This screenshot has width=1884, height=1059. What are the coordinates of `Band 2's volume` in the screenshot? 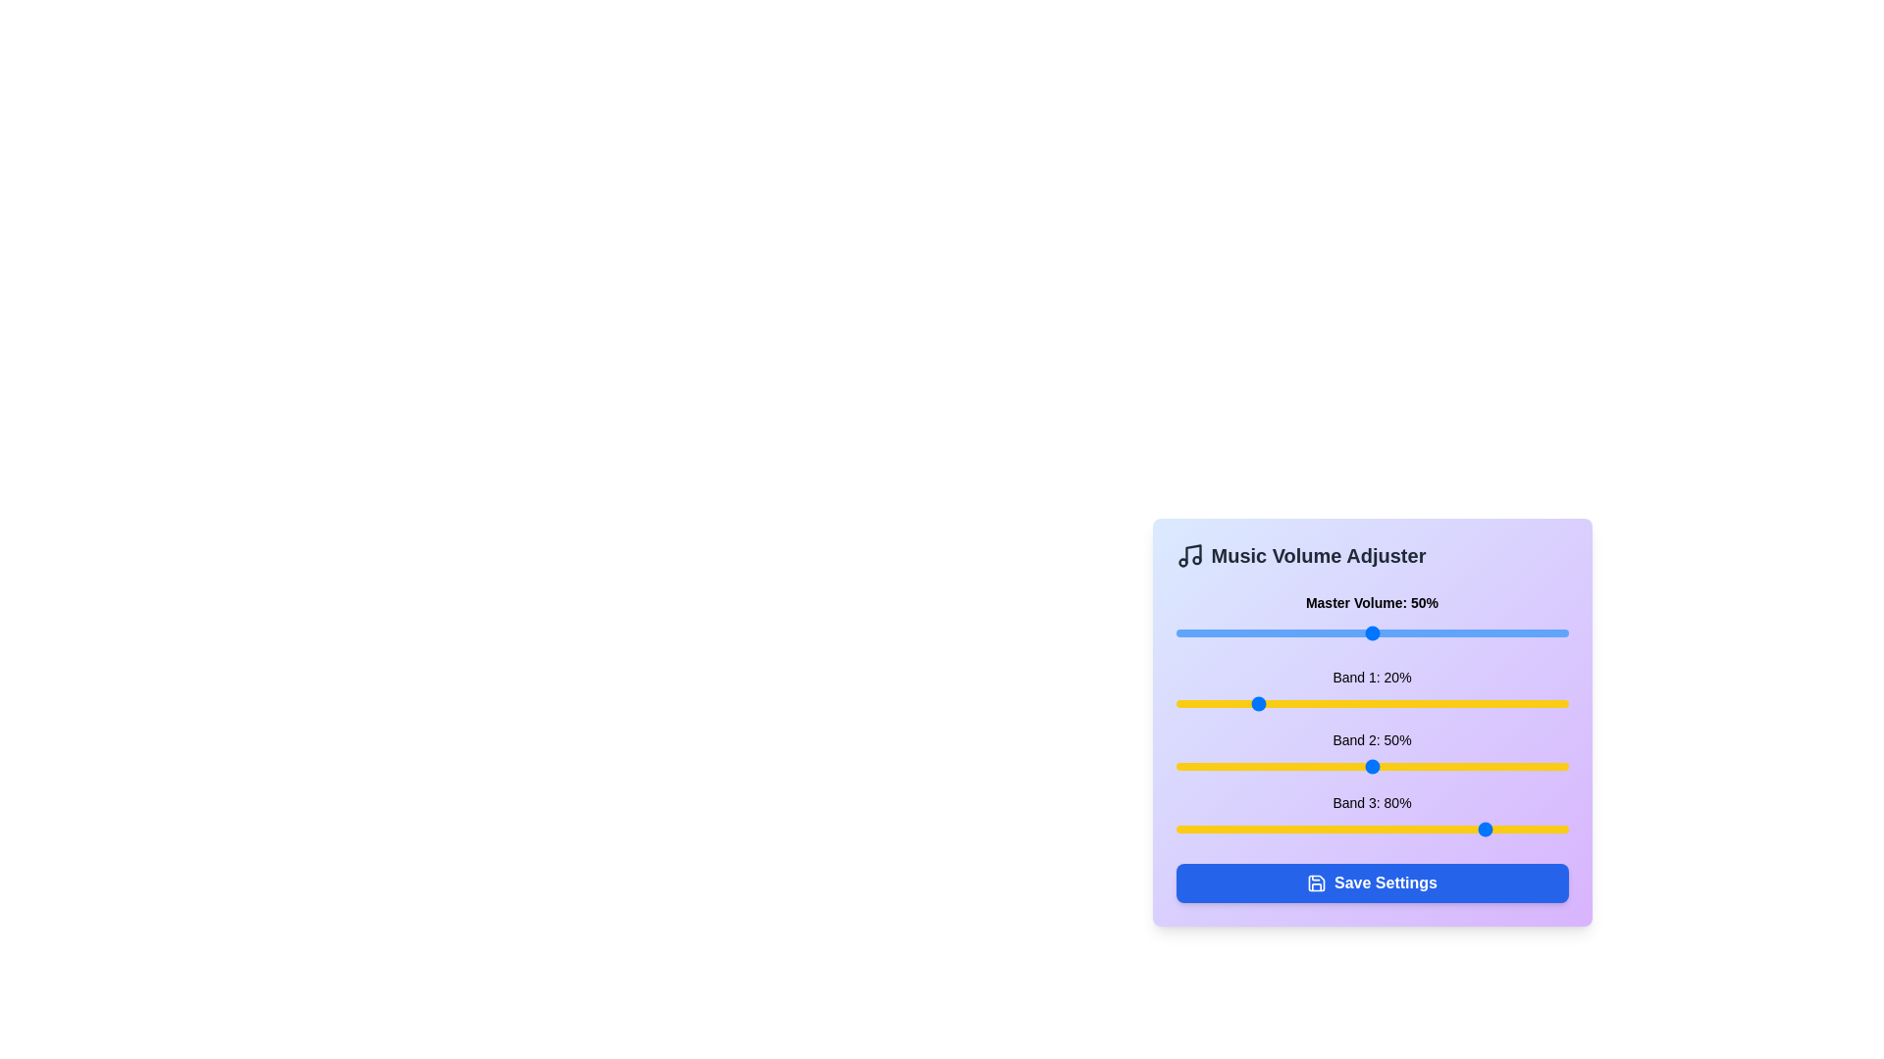 It's located at (1325, 766).